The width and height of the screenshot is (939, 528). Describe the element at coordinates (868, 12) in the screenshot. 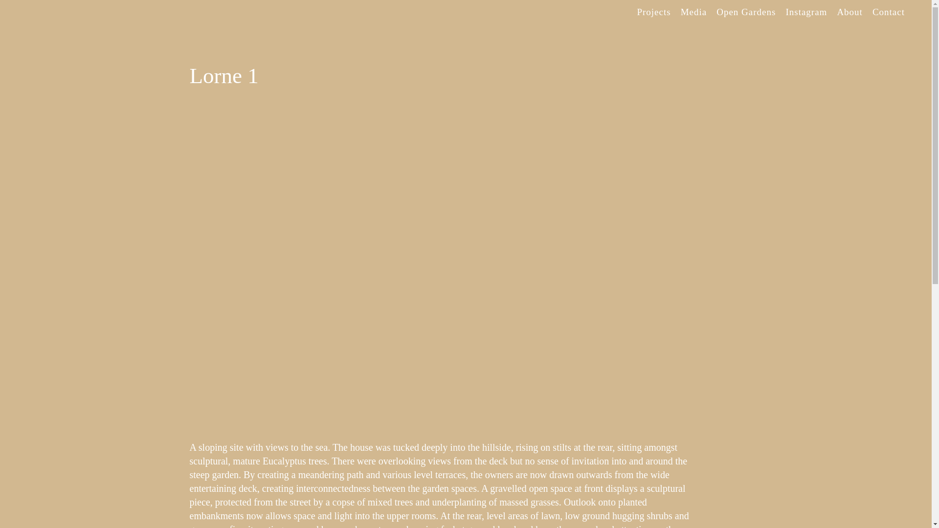

I see `'Contact'` at that location.